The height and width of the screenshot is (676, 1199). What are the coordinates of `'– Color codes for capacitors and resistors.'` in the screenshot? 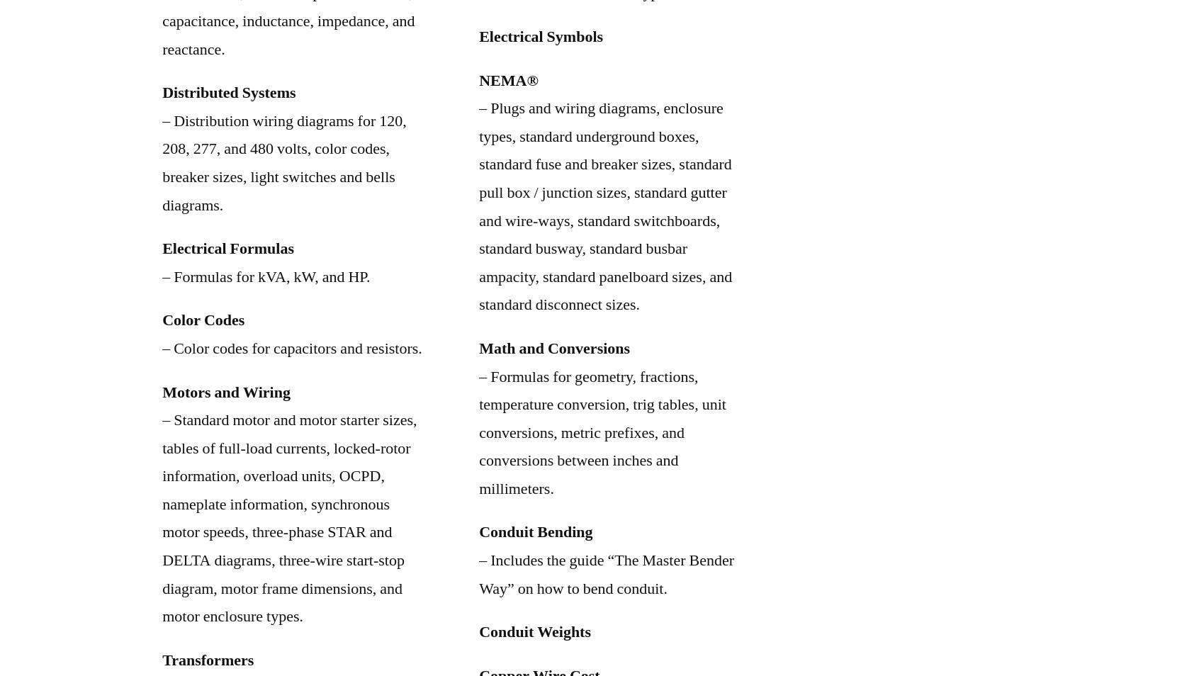 It's located at (292, 347).